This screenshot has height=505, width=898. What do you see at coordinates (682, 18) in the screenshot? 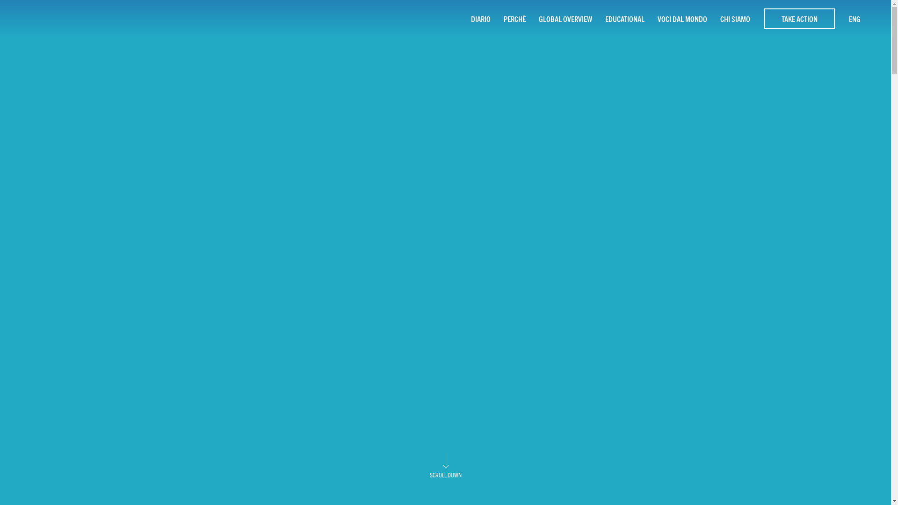
I see `'VOCI DAL MONDO'` at bounding box center [682, 18].